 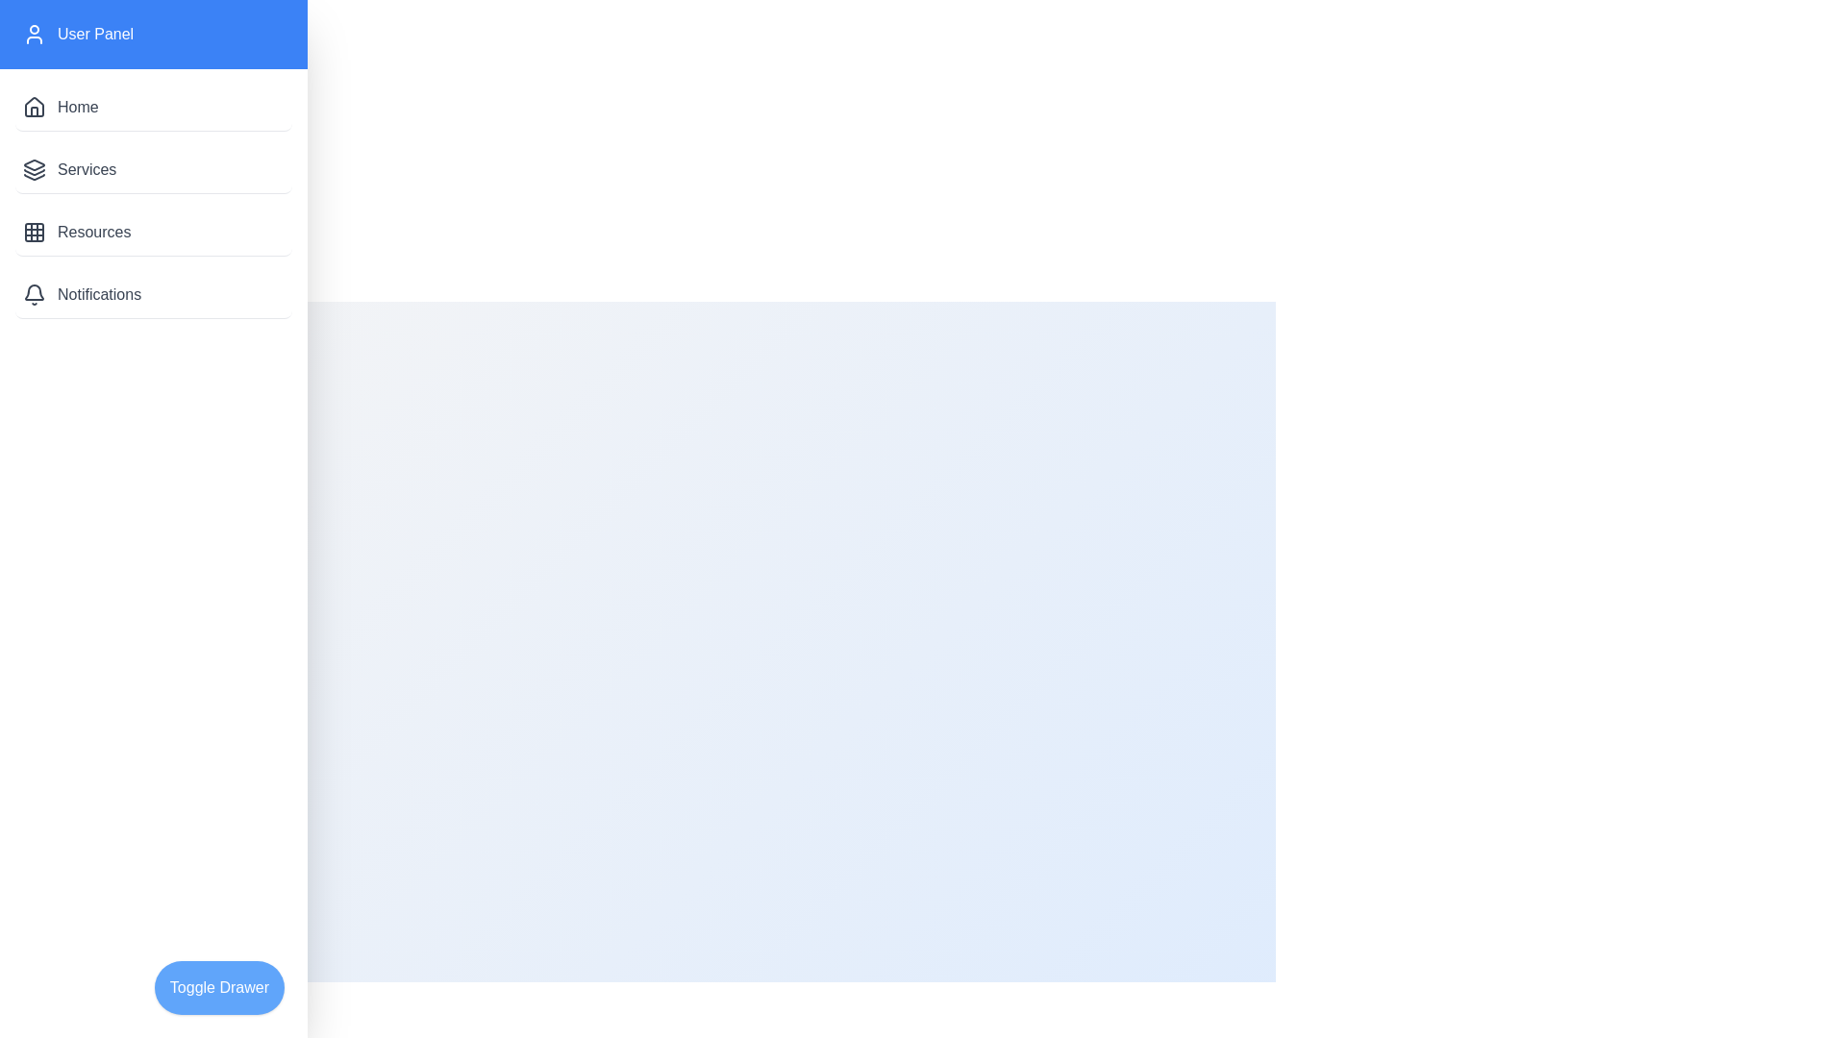 I want to click on the menu item Home in the drawer, so click(x=152, y=108).